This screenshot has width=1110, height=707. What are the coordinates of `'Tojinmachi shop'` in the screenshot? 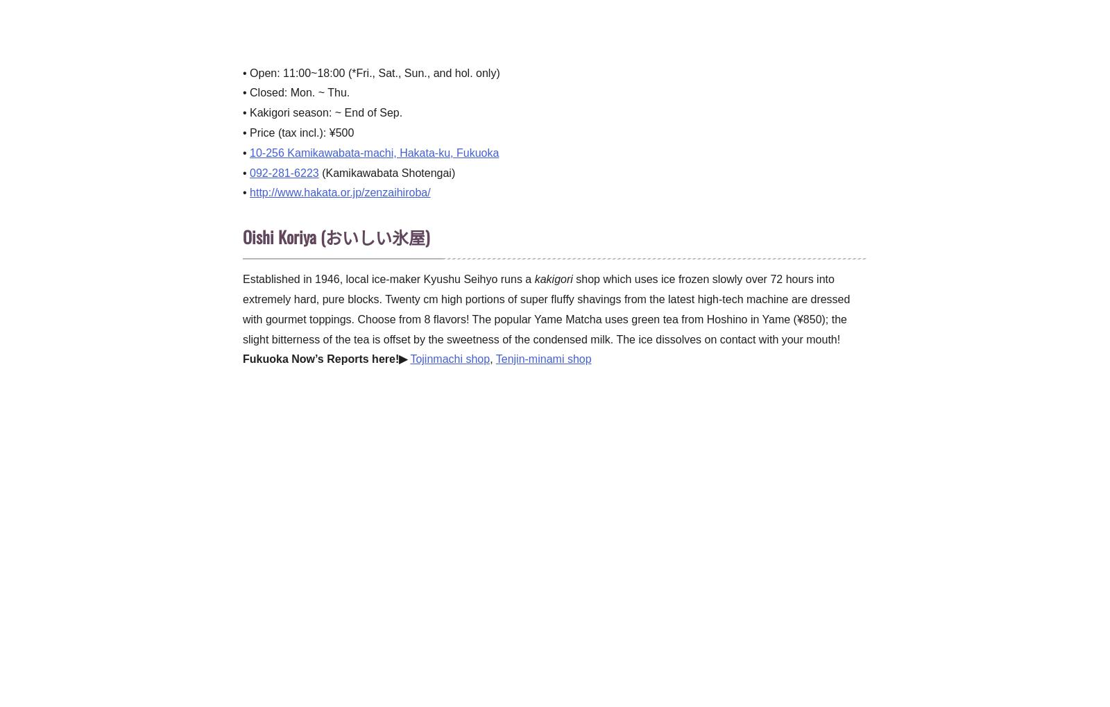 It's located at (409, 359).